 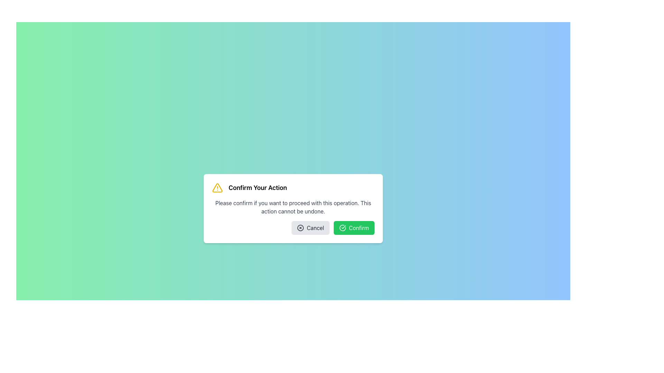 What do you see at coordinates (293, 228) in the screenshot?
I see `the button group located at the bottom section of the confirmation dialog to interact with the cancel or confirm buttons` at bounding box center [293, 228].